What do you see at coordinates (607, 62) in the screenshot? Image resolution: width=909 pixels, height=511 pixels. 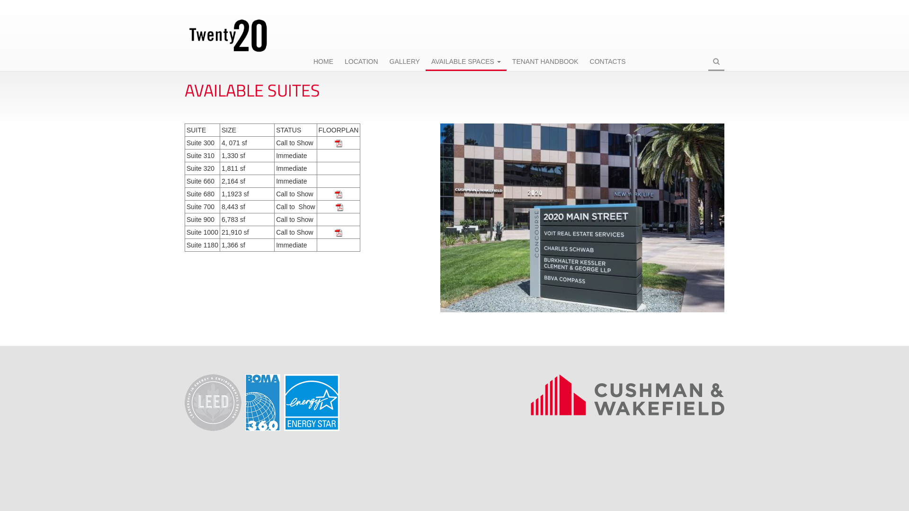 I see `'CONTACTS'` at bounding box center [607, 62].